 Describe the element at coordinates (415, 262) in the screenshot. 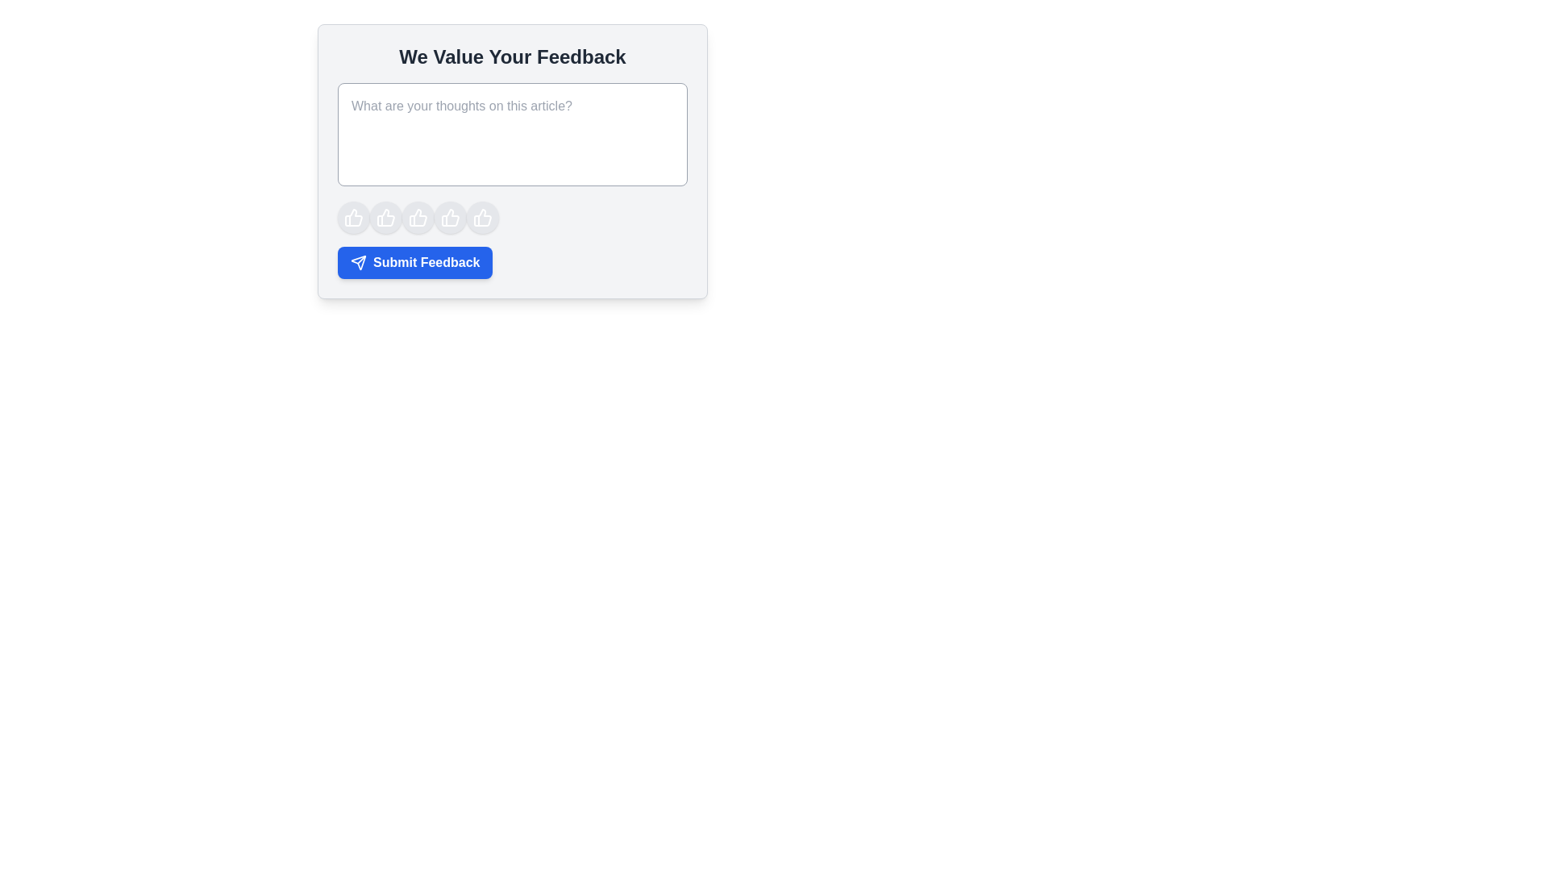

I see `the 'Submit Feedback' button, which is a rectangular button with a blue background and white bold text, located at the bottom center of the feedback form` at that location.